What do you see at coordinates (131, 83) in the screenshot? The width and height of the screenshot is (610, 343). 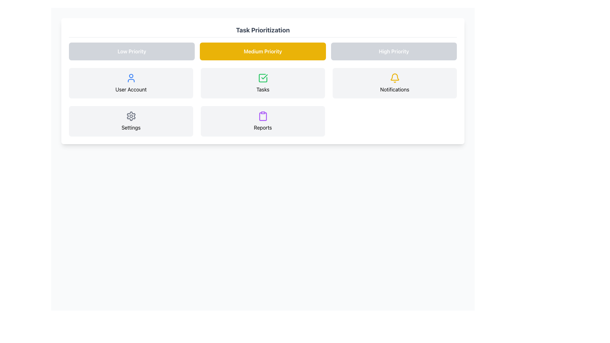 I see `the Section item` at bounding box center [131, 83].